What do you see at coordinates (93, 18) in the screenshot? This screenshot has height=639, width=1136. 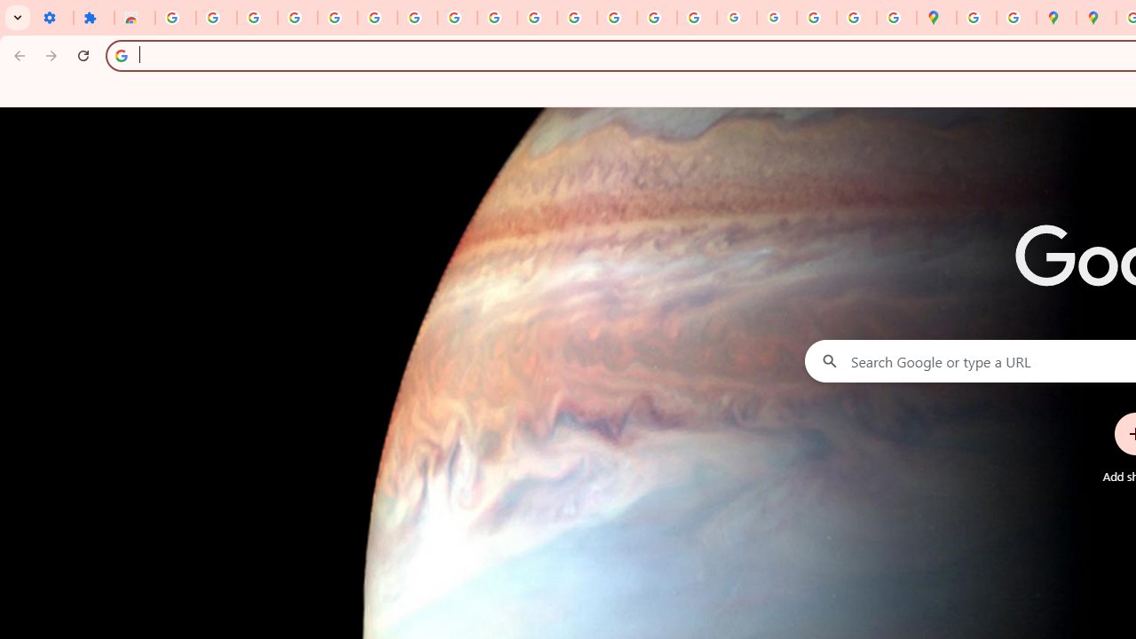 I see `'Extensions'` at bounding box center [93, 18].